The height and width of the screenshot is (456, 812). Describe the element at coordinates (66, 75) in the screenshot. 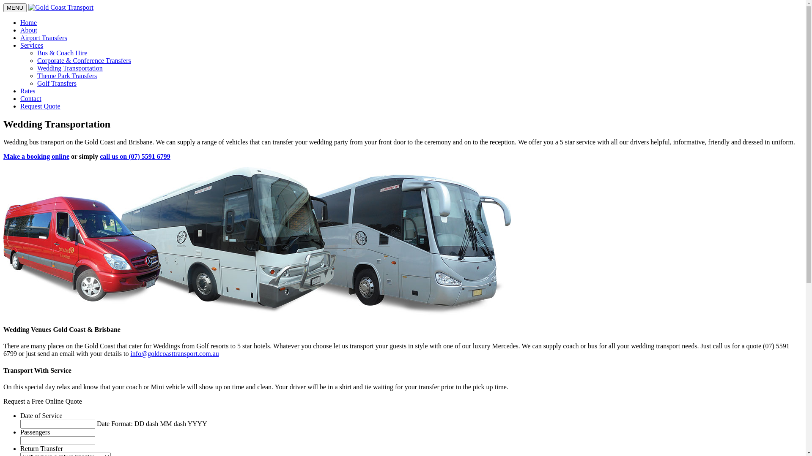

I see `'Theme Park Transfers'` at that location.